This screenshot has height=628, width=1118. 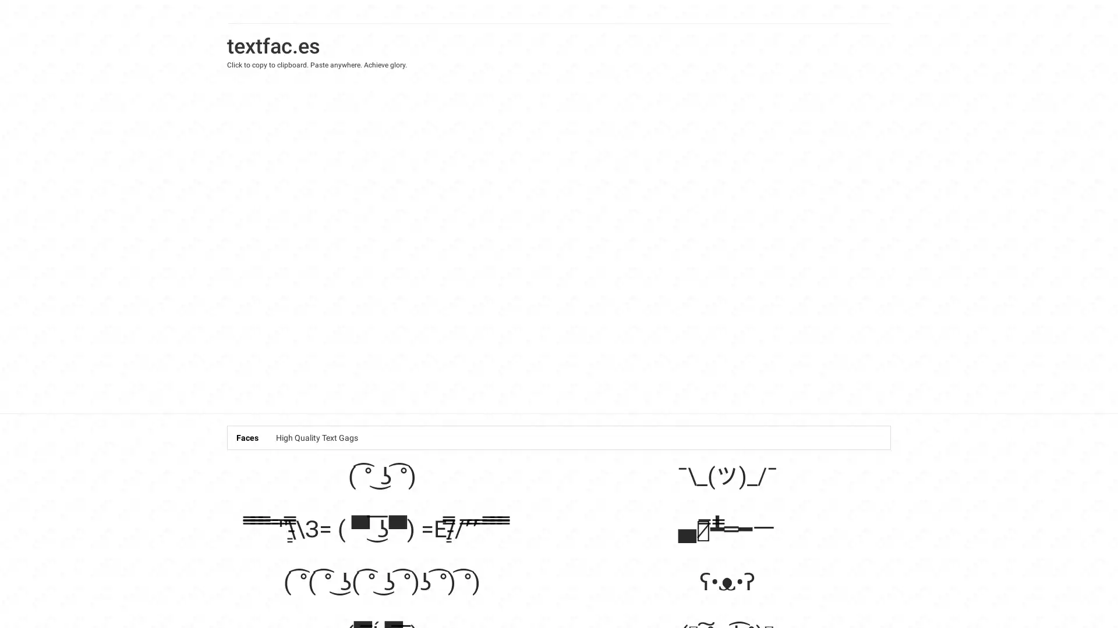 I want to click on ''\\= (  ) =//, so click(x=381, y=529).